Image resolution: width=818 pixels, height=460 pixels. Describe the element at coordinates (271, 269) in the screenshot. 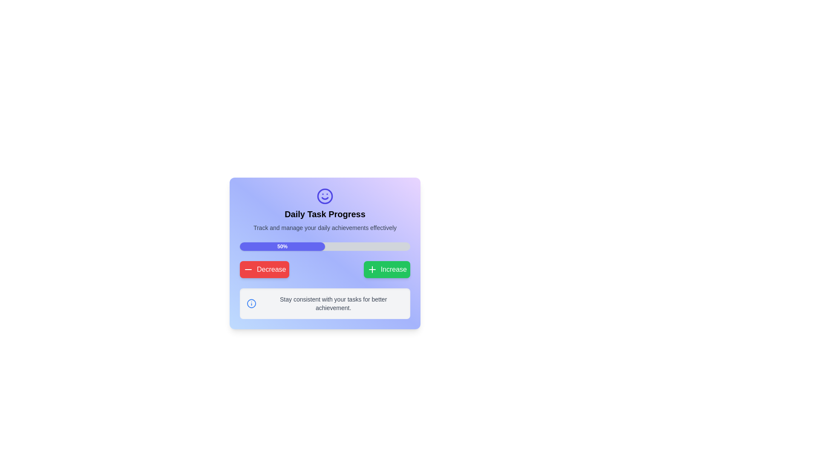

I see `the 'Decrease' text label within the button, which is prominently displayed in bold white font against a red background` at that location.